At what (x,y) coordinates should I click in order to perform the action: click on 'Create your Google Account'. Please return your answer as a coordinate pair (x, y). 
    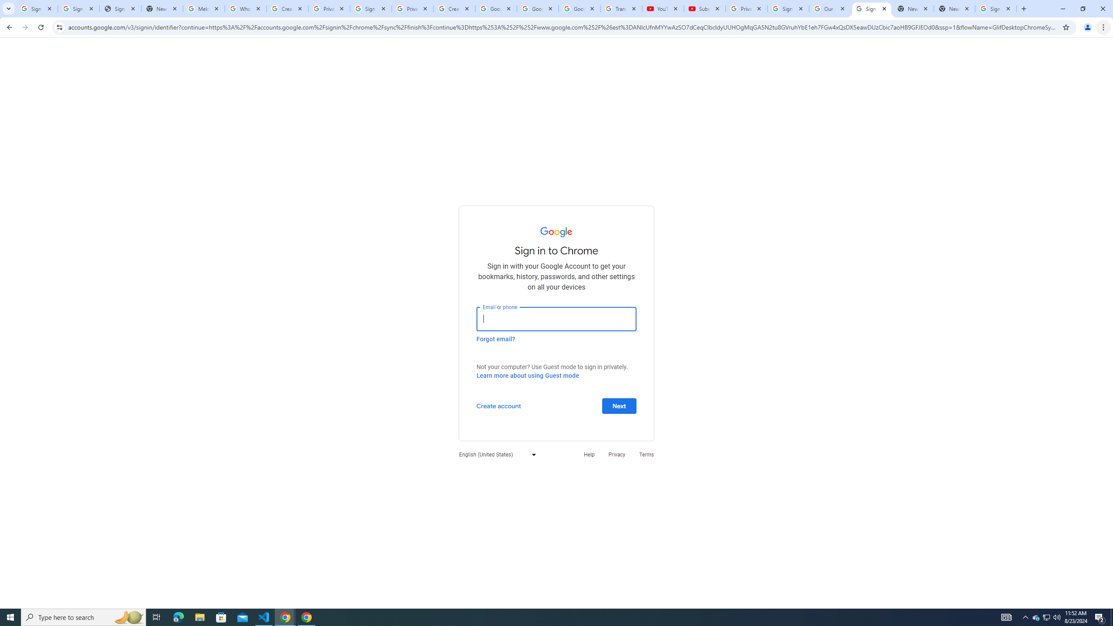
    Looking at the image, I should click on (453, 8).